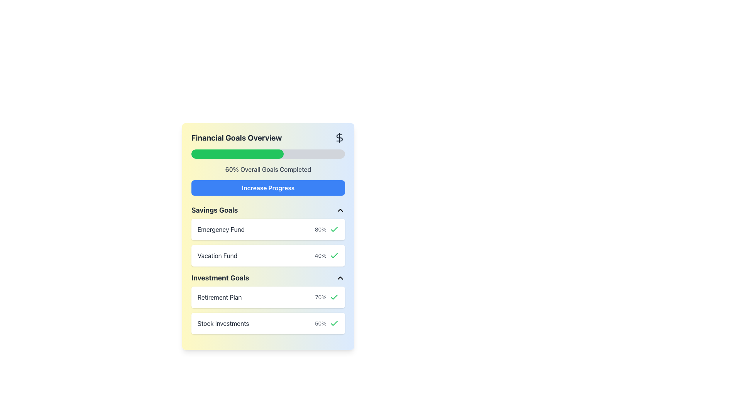  I want to click on progress bar indicating 60% completion towards financial goals, located centrally beneath the heading 'Financial Goals Overview', so click(268, 154).